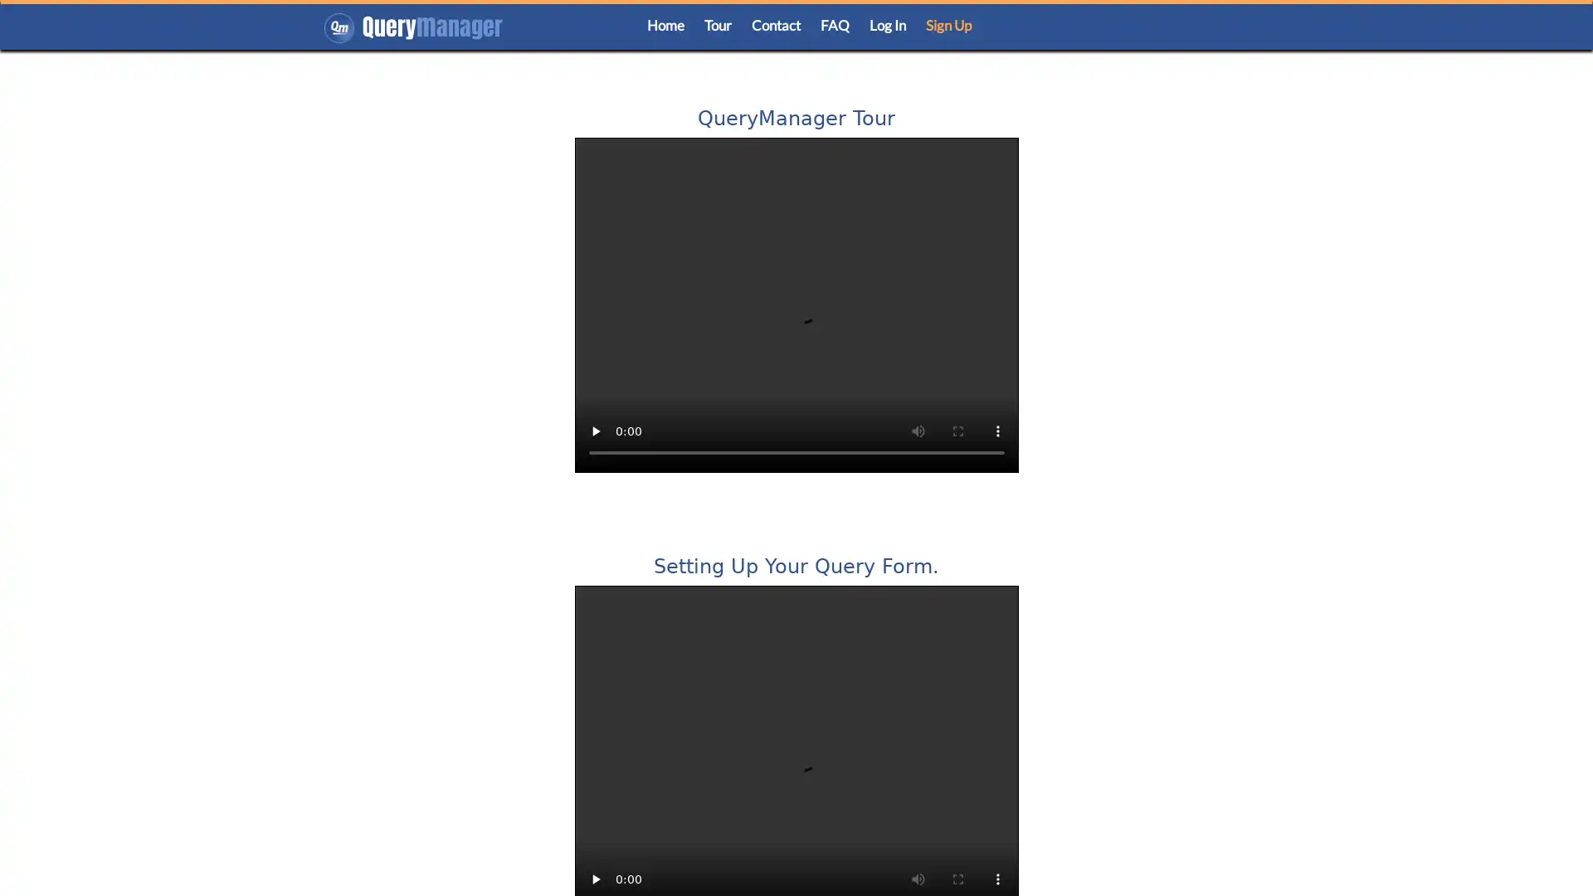  Describe the element at coordinates (957, 431) in the screenshot. I see `enter full screen` at that location.